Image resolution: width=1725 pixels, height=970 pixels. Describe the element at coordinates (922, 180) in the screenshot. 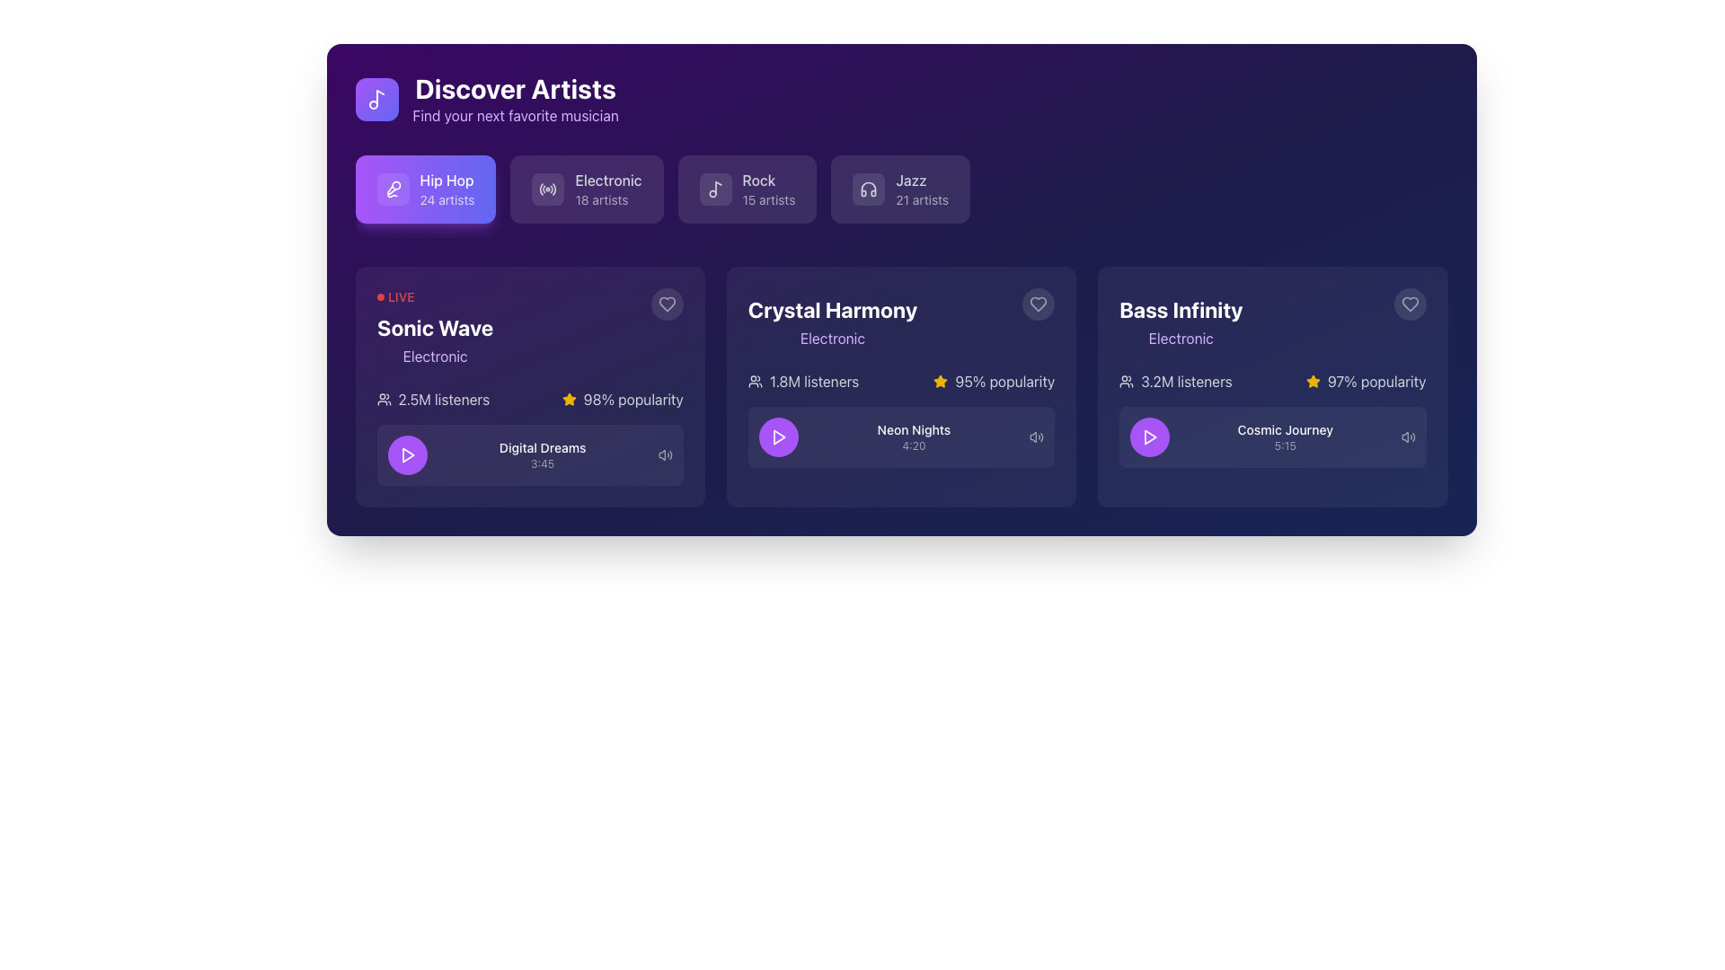

I see `the text label displaying 'Jazz' which is located in the top-right section of the interface within a genre selection card` at that location.